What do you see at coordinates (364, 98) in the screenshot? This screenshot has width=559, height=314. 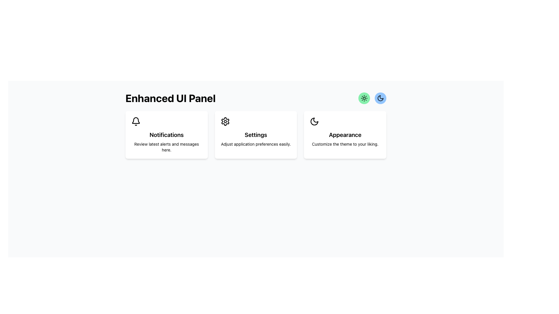 I see `the circular green button with a sun icon in the top-right corner` at bounding box center [364, 98].